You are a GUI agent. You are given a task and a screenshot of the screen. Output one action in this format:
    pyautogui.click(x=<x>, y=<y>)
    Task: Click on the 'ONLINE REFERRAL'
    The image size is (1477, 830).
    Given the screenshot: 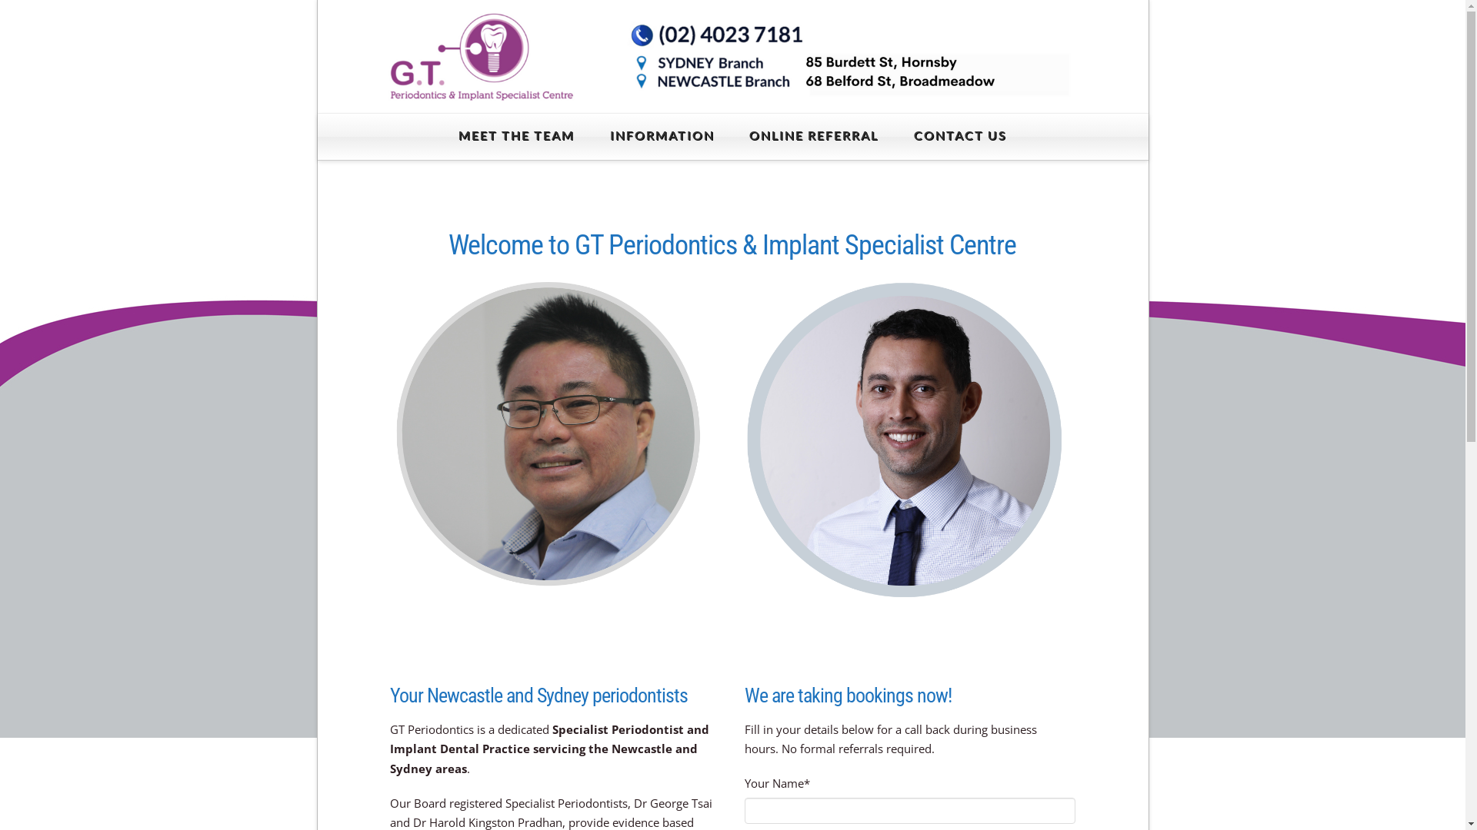 What is the action you would take?
    pyautogui.click(x=812, y=135)
    